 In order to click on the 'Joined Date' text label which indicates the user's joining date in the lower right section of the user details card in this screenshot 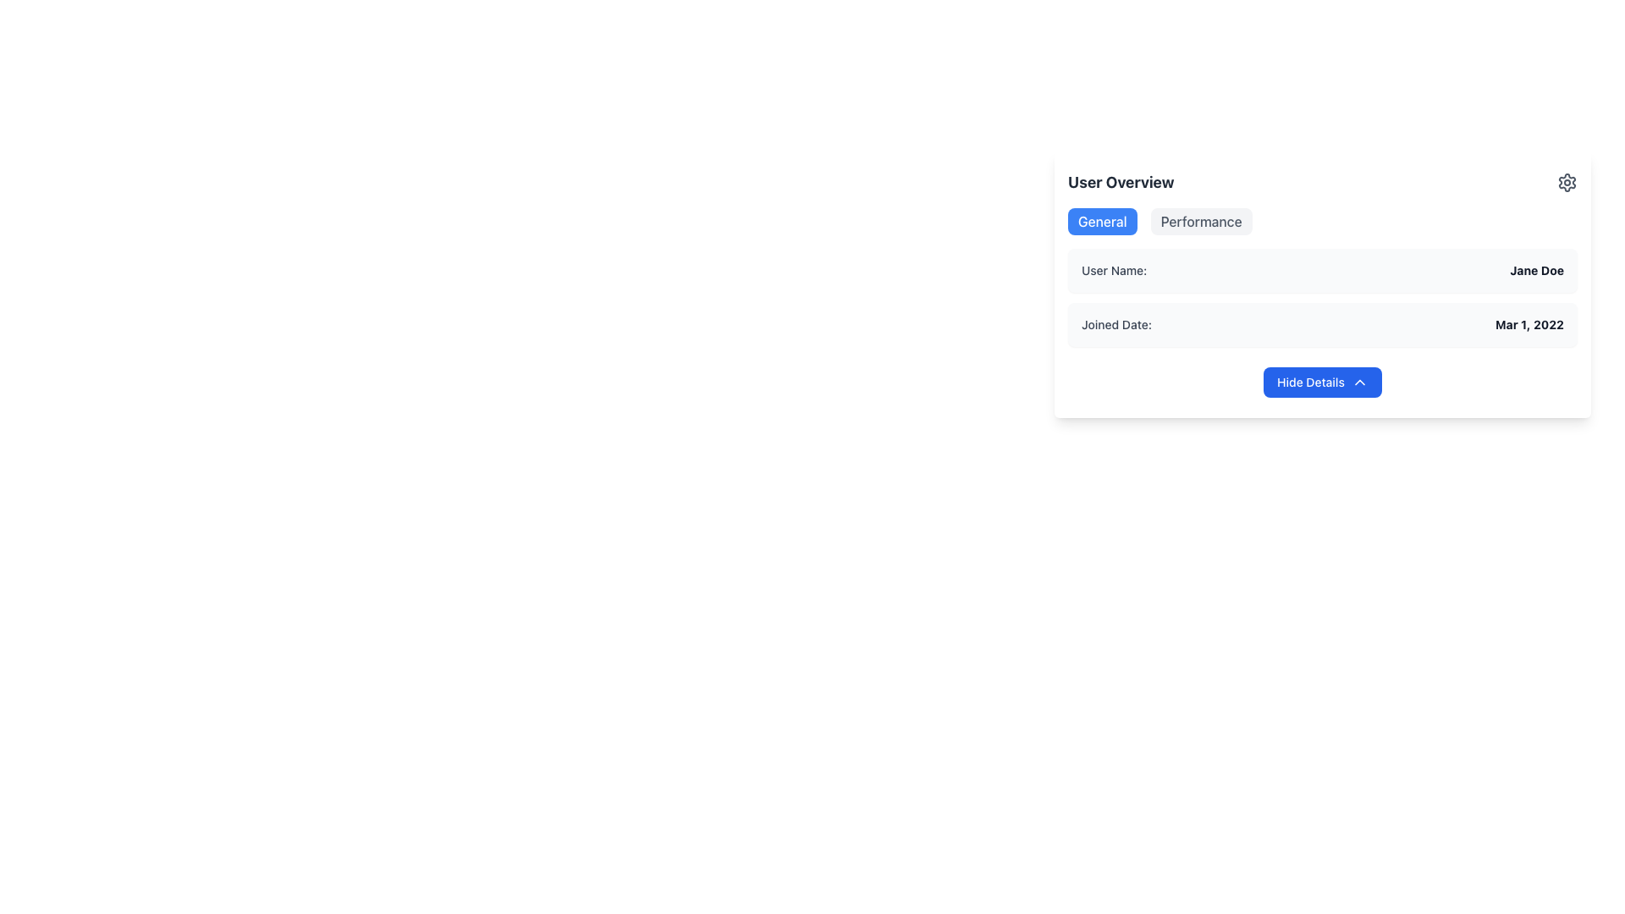, I will do `click(1116, 325)`.